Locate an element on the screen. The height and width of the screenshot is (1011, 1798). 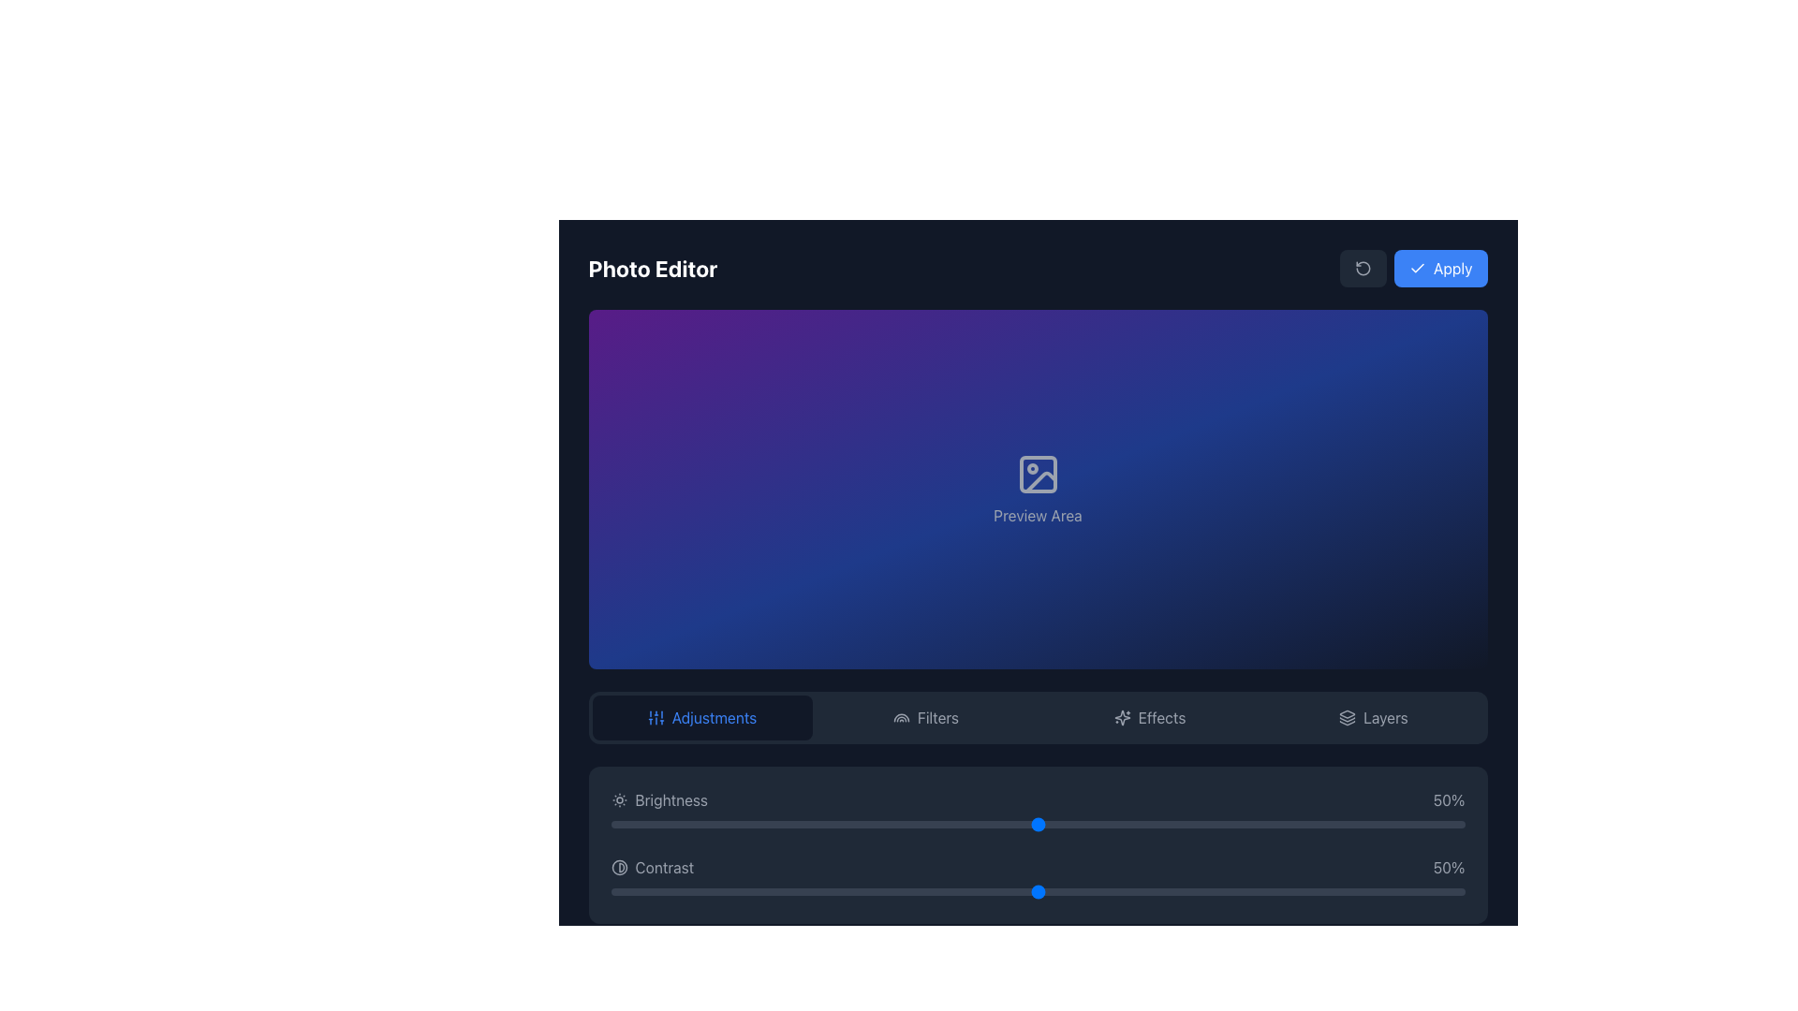
the central star-like icon in the top-right quadrant of the interface, which symbolizes effects or enhancements is located at coordinates (1122, 717).